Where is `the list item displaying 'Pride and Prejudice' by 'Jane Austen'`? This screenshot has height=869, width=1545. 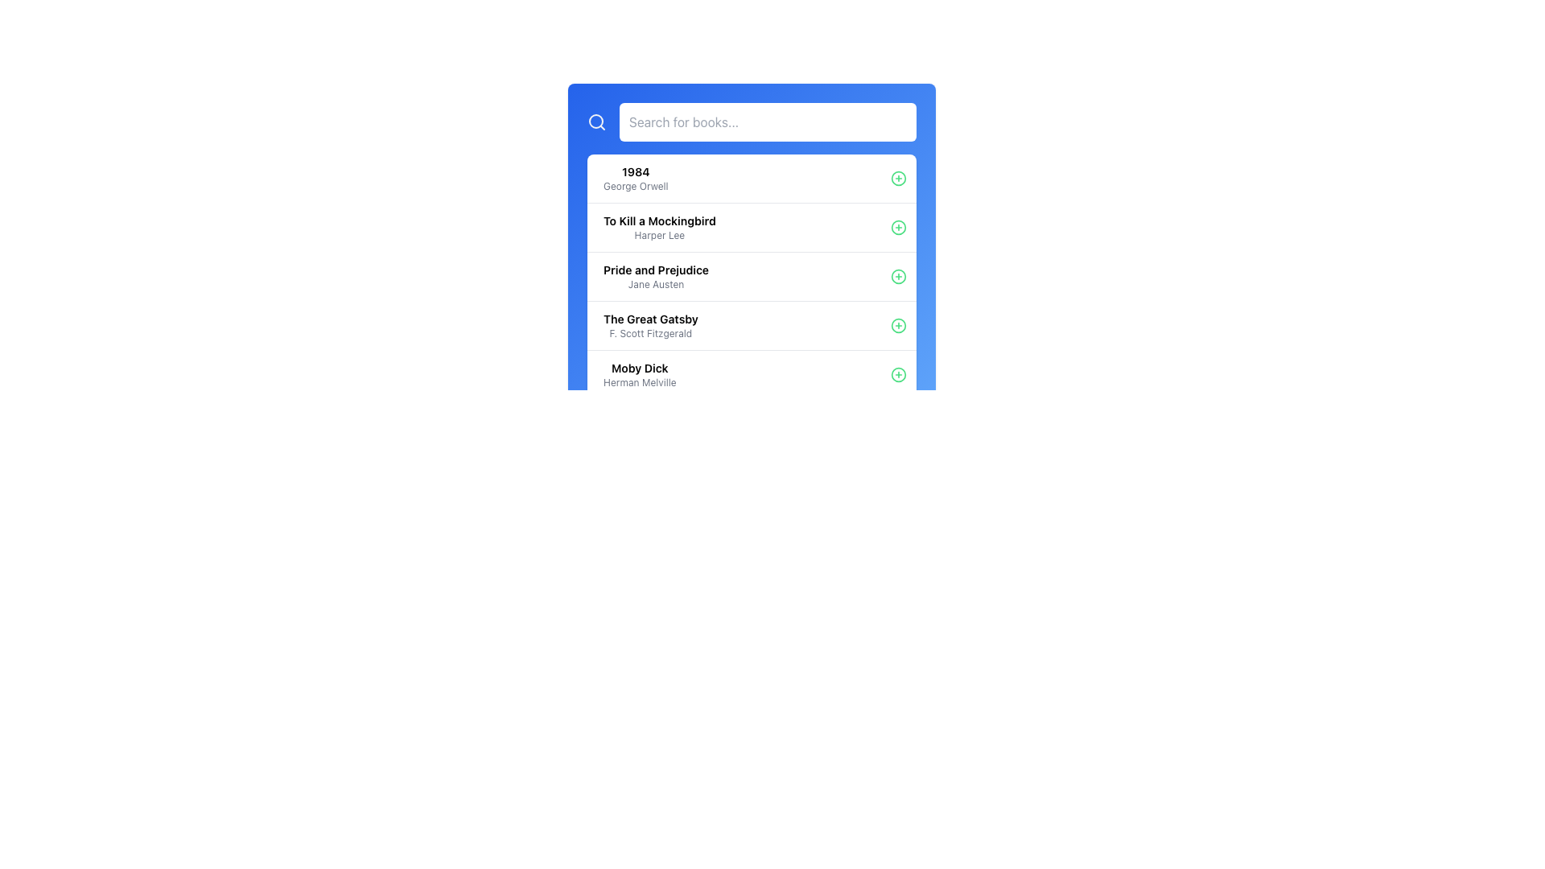
the list item displaying 'Pride and Prejudice' by 'Jane Austen' is located at coordinates (751, 275).